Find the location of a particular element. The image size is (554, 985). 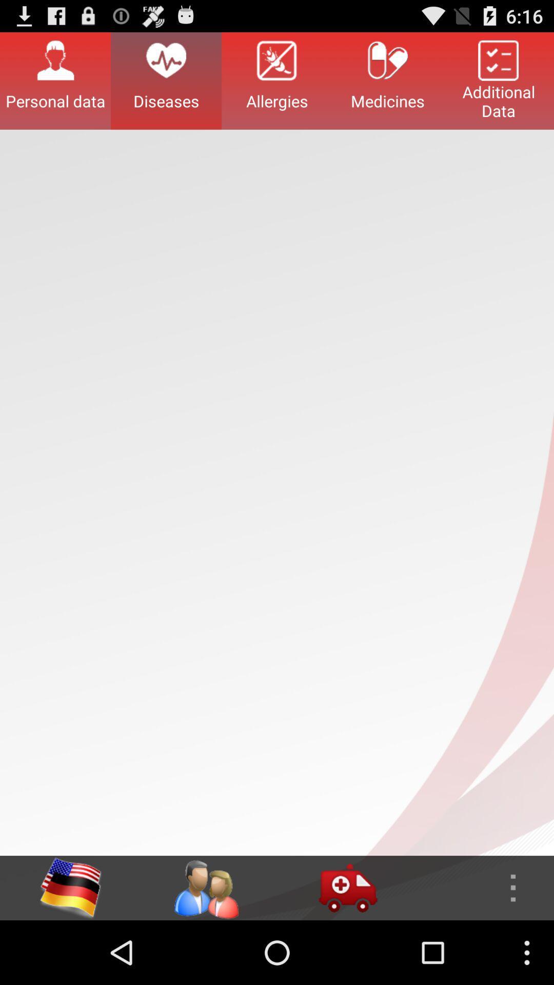

open emergency contact is located at coordinates (347, 888).